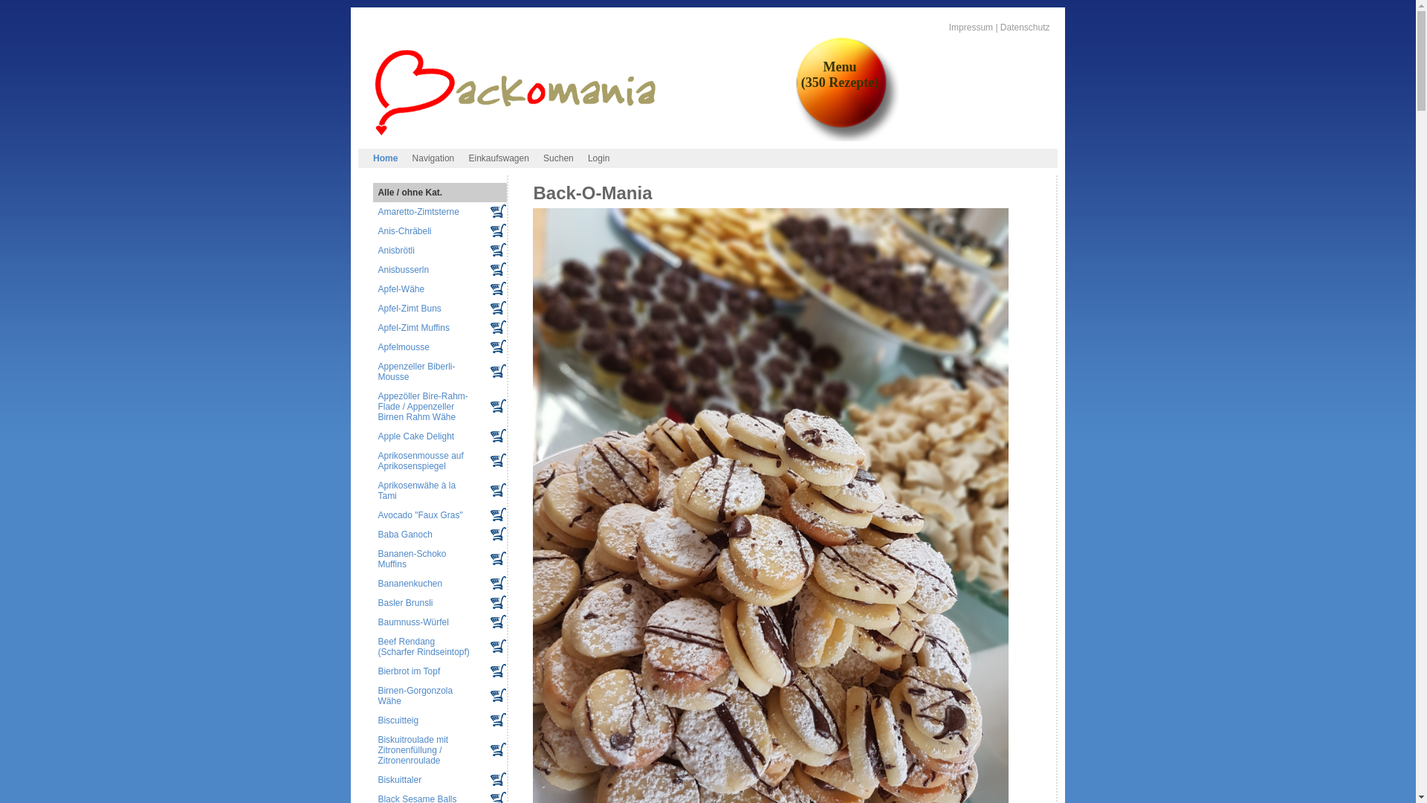 Image resolution: width=1427 pixels, height=803 pixels. I want to click on 'Datenschutz', so click(1024, 28).